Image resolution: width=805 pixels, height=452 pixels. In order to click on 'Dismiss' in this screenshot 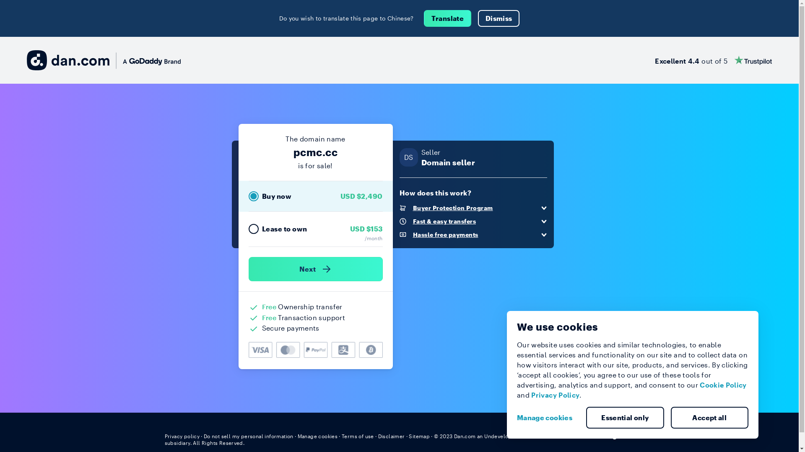, I will do `click(499, 18)`.